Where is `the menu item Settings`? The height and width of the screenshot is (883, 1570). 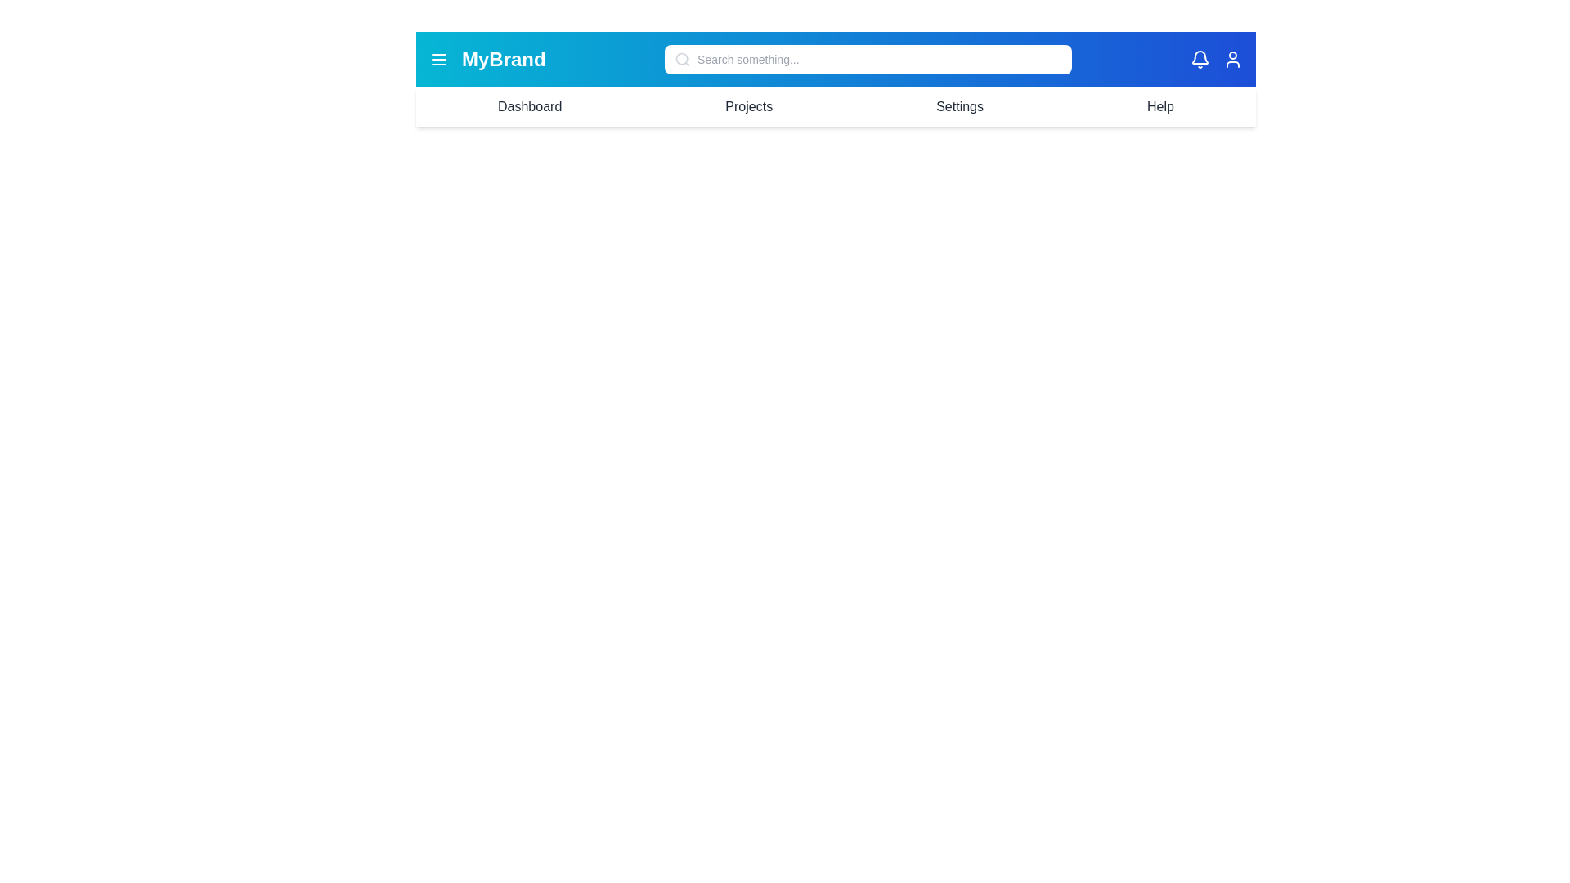 the menu item Settings is located at coordinates (960, 107).